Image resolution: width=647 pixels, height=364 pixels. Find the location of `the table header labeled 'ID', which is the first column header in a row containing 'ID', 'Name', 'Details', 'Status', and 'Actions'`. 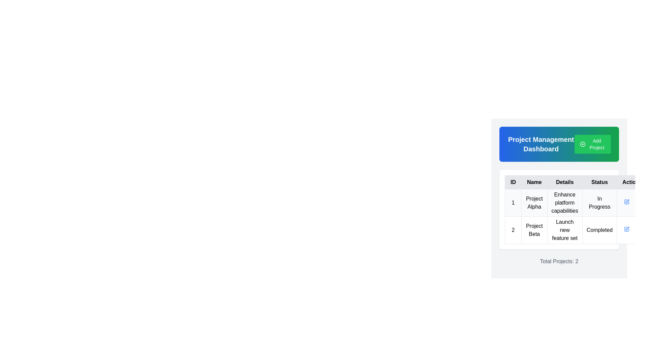

the table header labeled 'ID', which is the first column header in a row containing 'ID', 'Name', 'Details', 'Status', and 'Actions' is located at coordinates (513, 182).